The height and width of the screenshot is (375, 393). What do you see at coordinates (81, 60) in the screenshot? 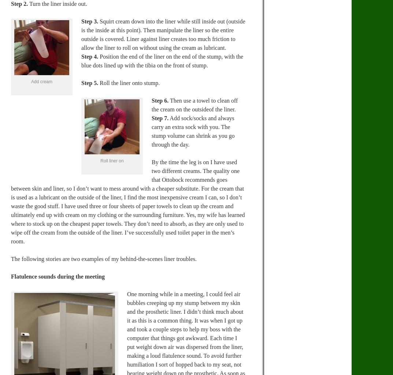
I see `'Position the end of the liner on the end of the stump, with the blue dots lined up with the tibia on the front of stump.'` at bounding box center [81, 60].